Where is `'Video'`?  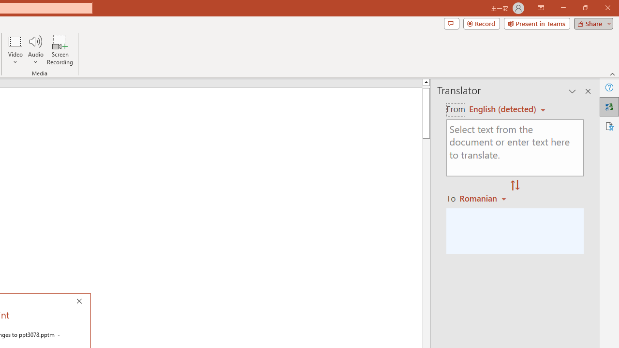 'Video' is located at coordinates (15, 50).